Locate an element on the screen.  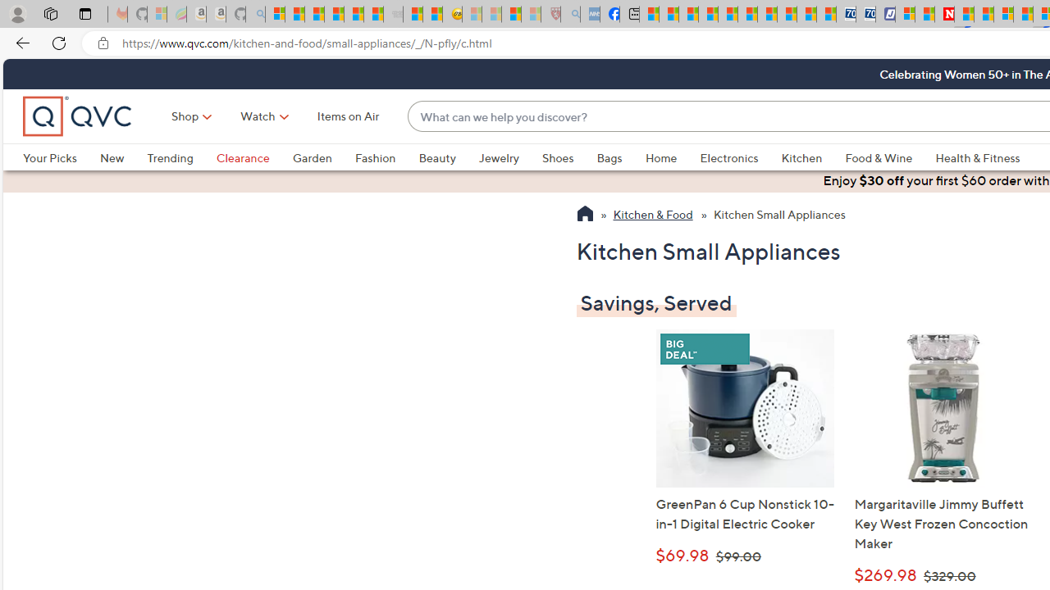
'12 Popular Science Lies that Must be Corrected - Sleeping' is located at coordinates (531, 14).